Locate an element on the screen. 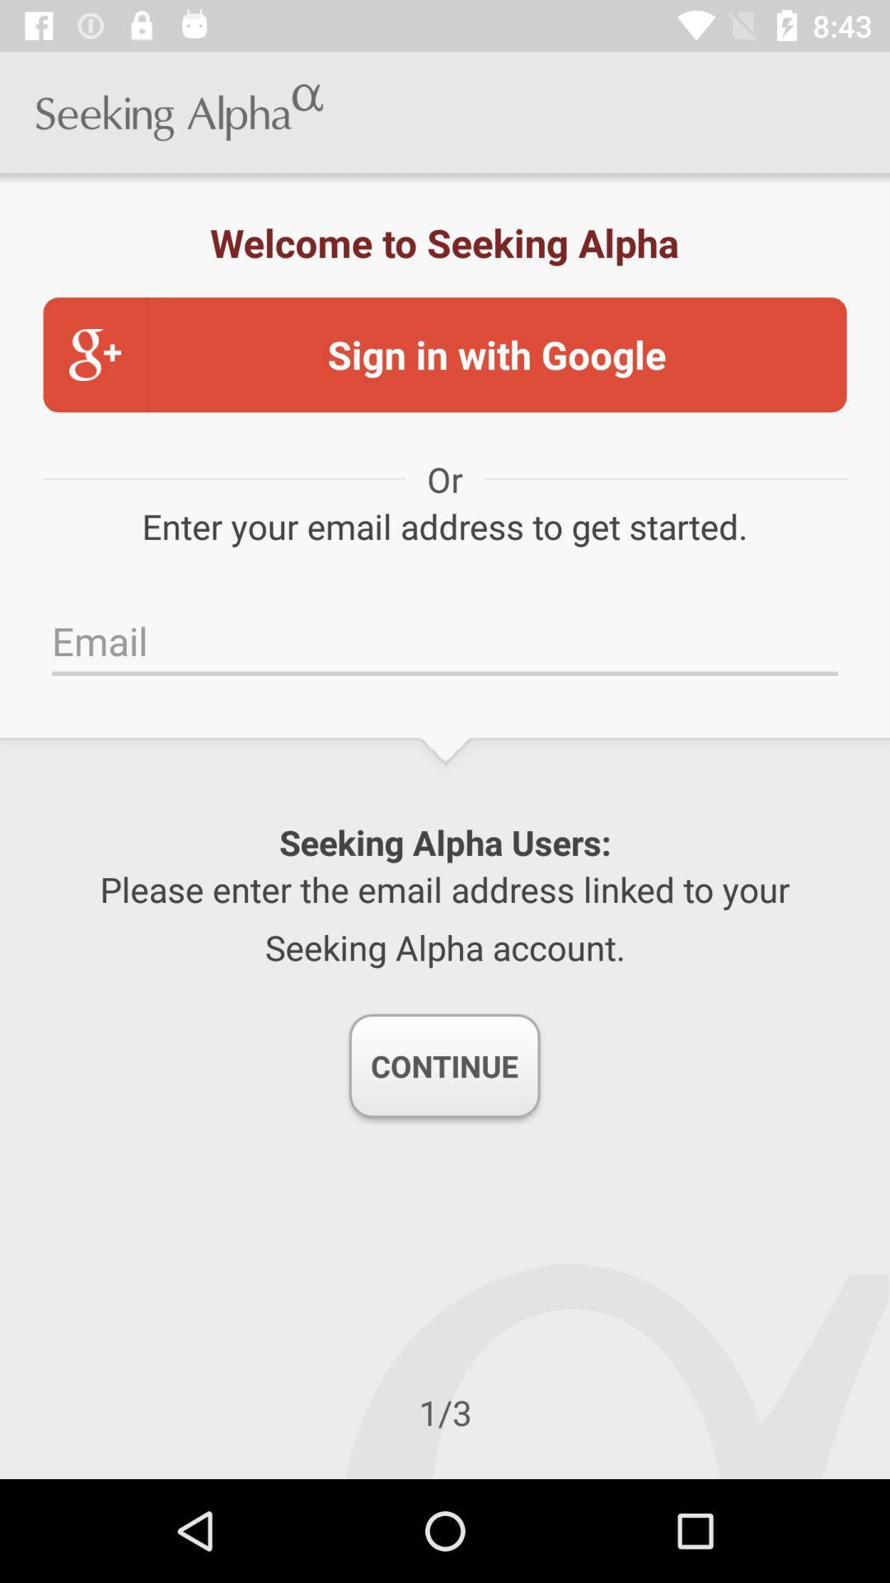  the continue item is located at coordinates (443, 1065).